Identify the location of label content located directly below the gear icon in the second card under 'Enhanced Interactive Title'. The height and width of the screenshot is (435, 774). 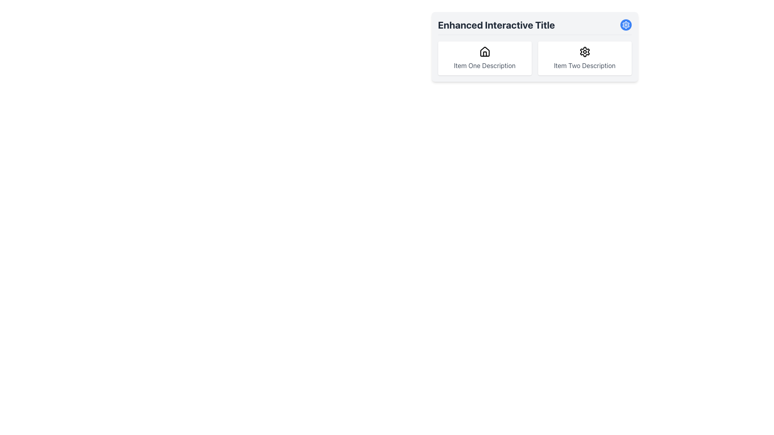
(585, 65).